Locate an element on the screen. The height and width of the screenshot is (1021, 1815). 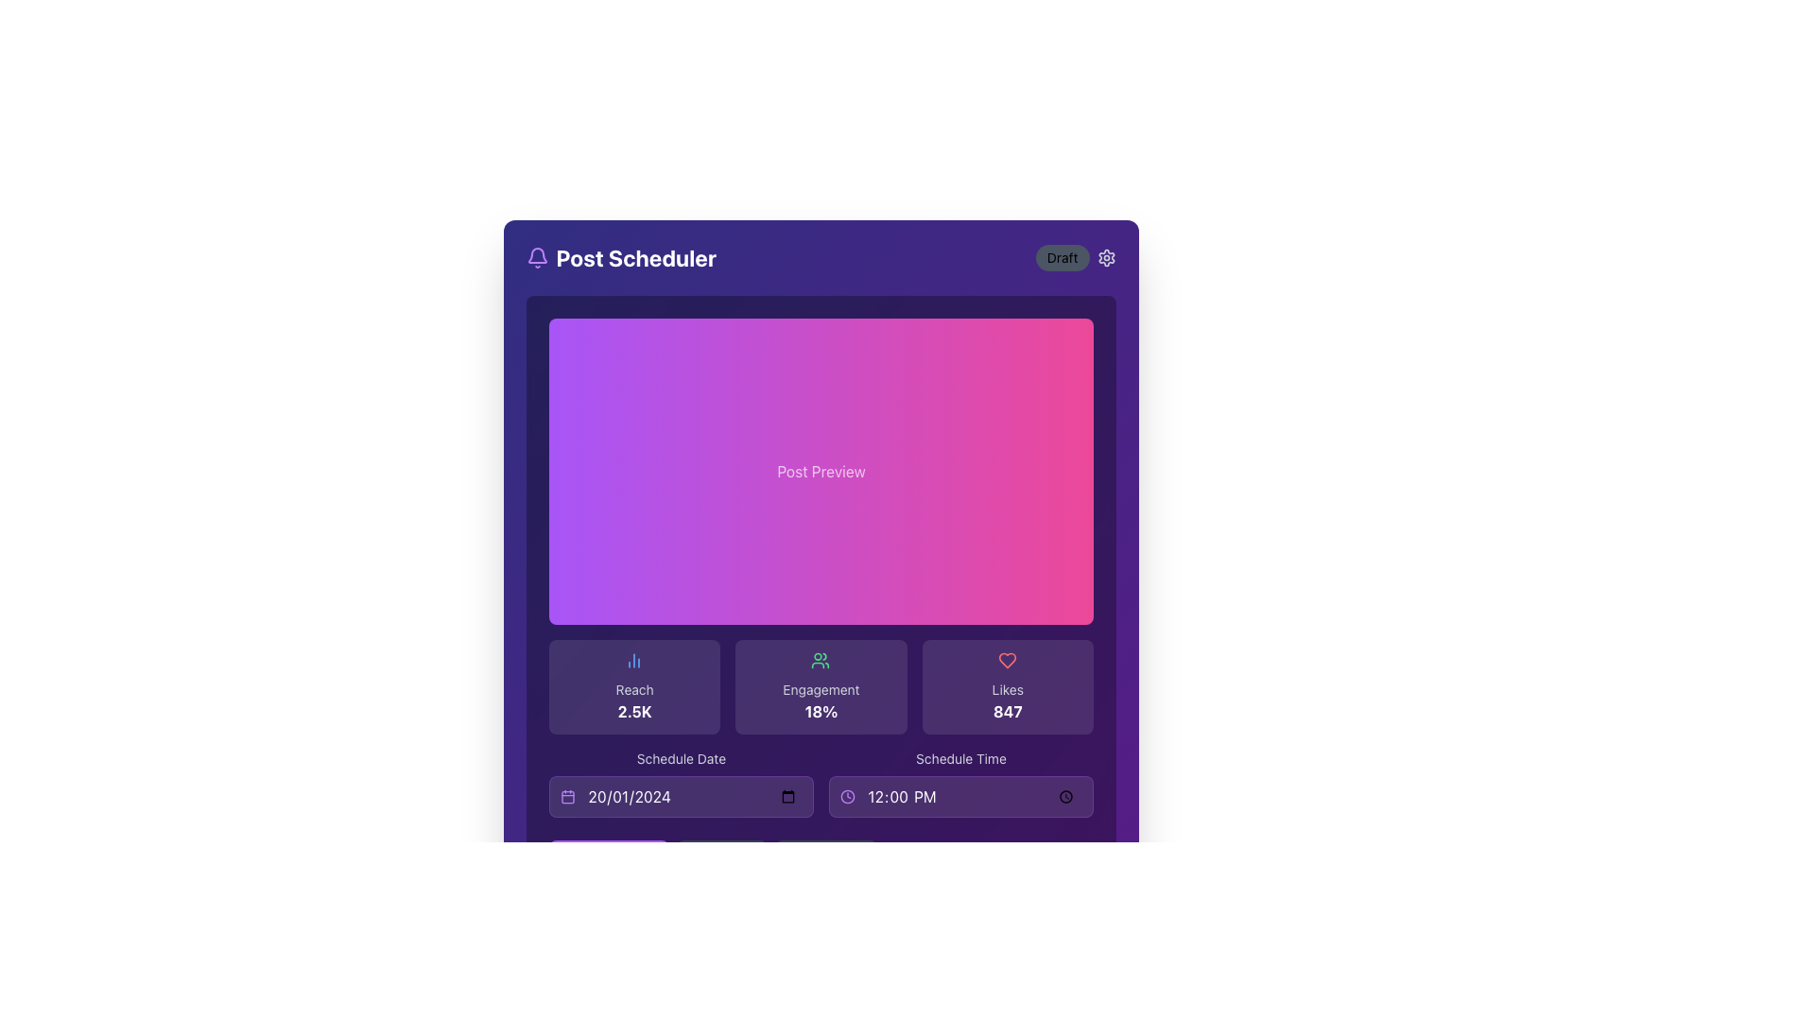
the SVG circle element within the purple clock icon located to the left of the '12:00 PM' time display in the 'Schedule Time' section is located at coordinates (846, 797).